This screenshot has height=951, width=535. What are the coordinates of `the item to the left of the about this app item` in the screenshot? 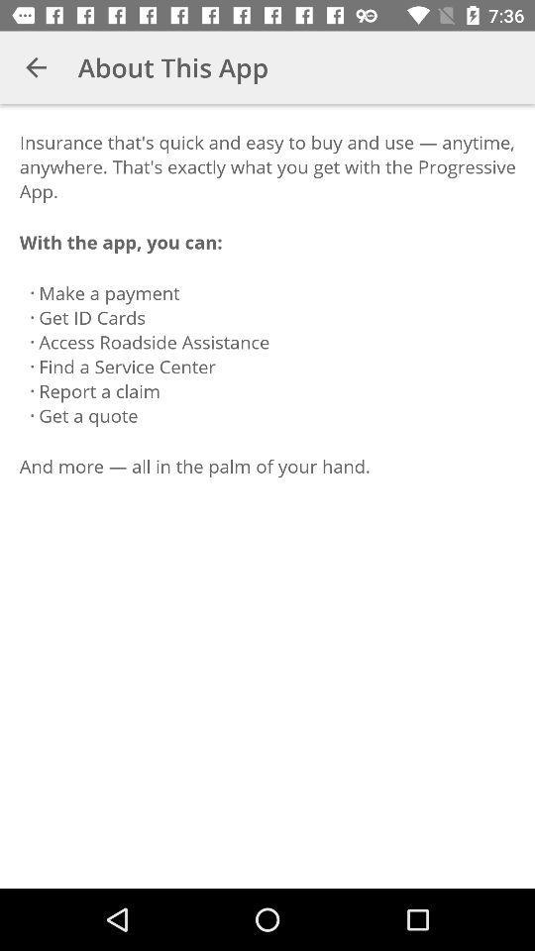 It's located at (36, 67).